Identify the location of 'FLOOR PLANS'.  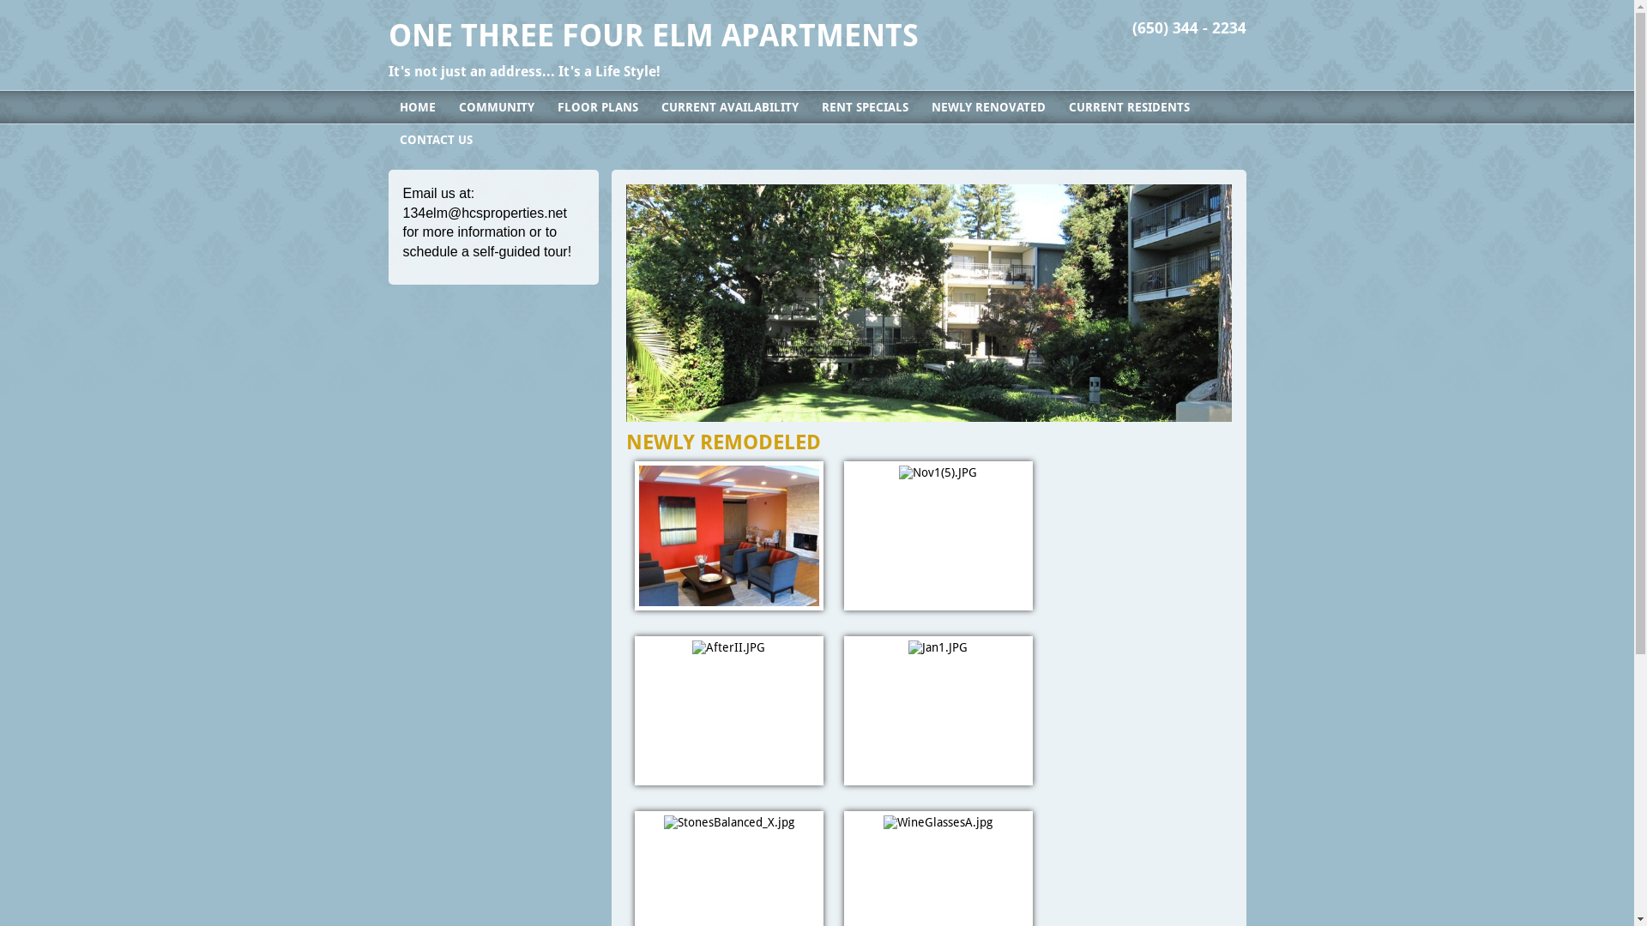
(597, 106).